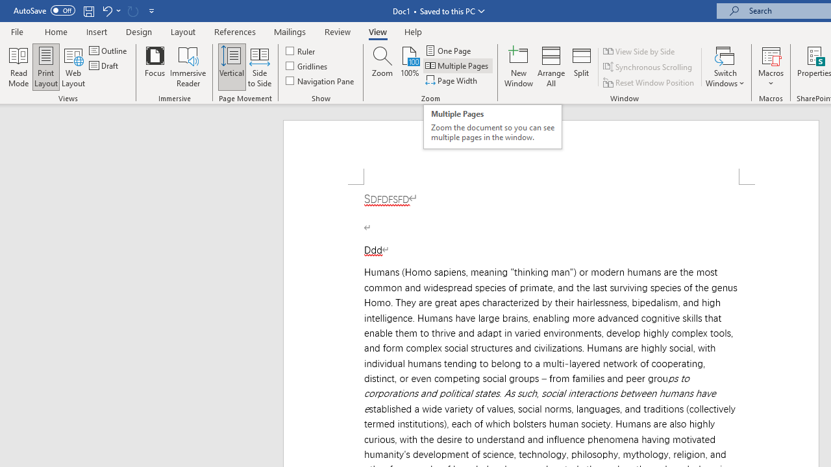 This screenshot has width=831, height=467. What do you see at coordinates (649, 82) in the screenshot?
I see `'Reset Window Position'` at bounding box center [649, 82].